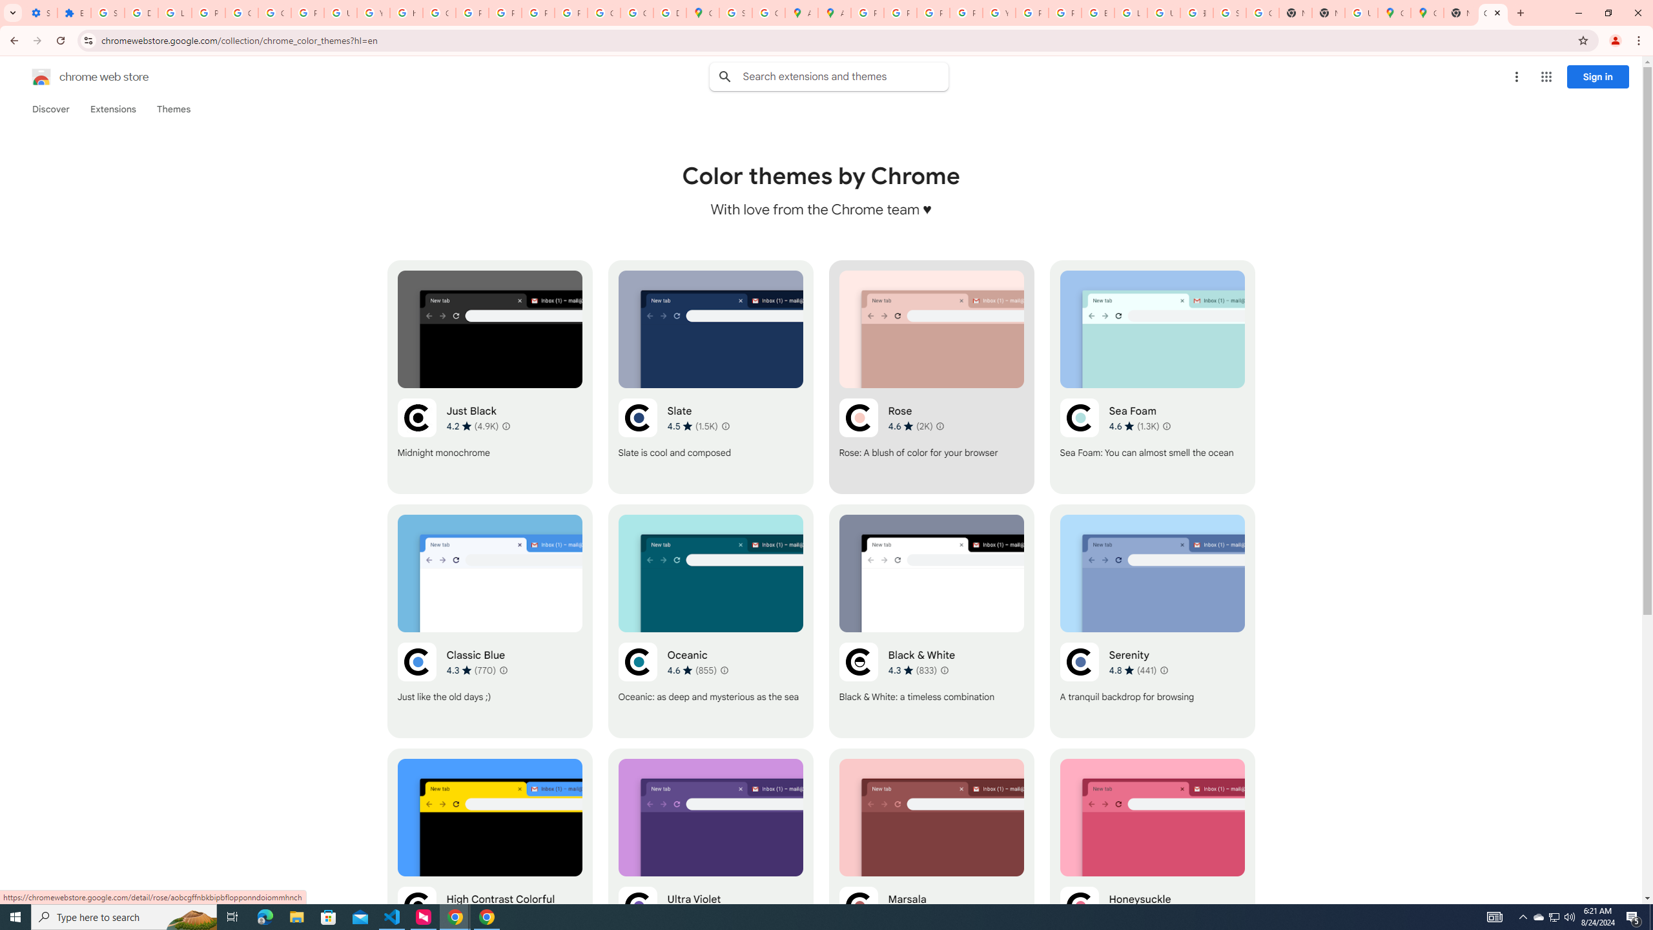  What do you see at coordinates (910, 426) in the screenshot?
I see `'Average rating 4.6 out of 5 stars. 2K ratings.'` at bounding box center [910, 426].